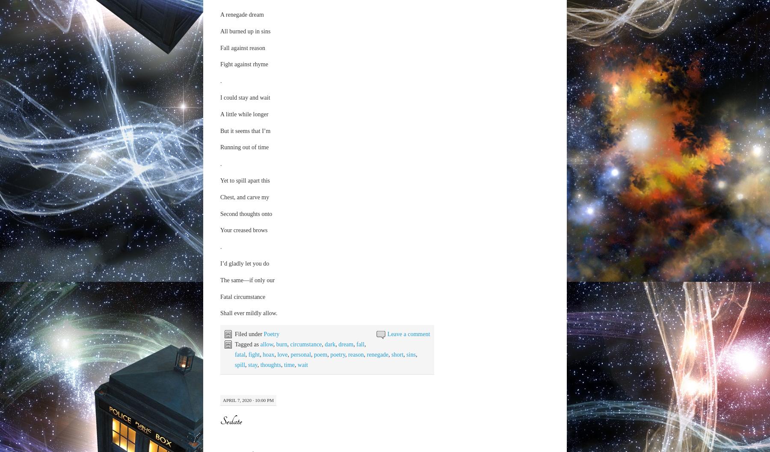 This screenshot has height=452, width=770. I want to click on 'i remember that day so vividly; my new art supplies had just arrived and i was feeling so pumped to try them out that i went ahead for some breakfast even though i haven't slept yet', so click(234, 363).